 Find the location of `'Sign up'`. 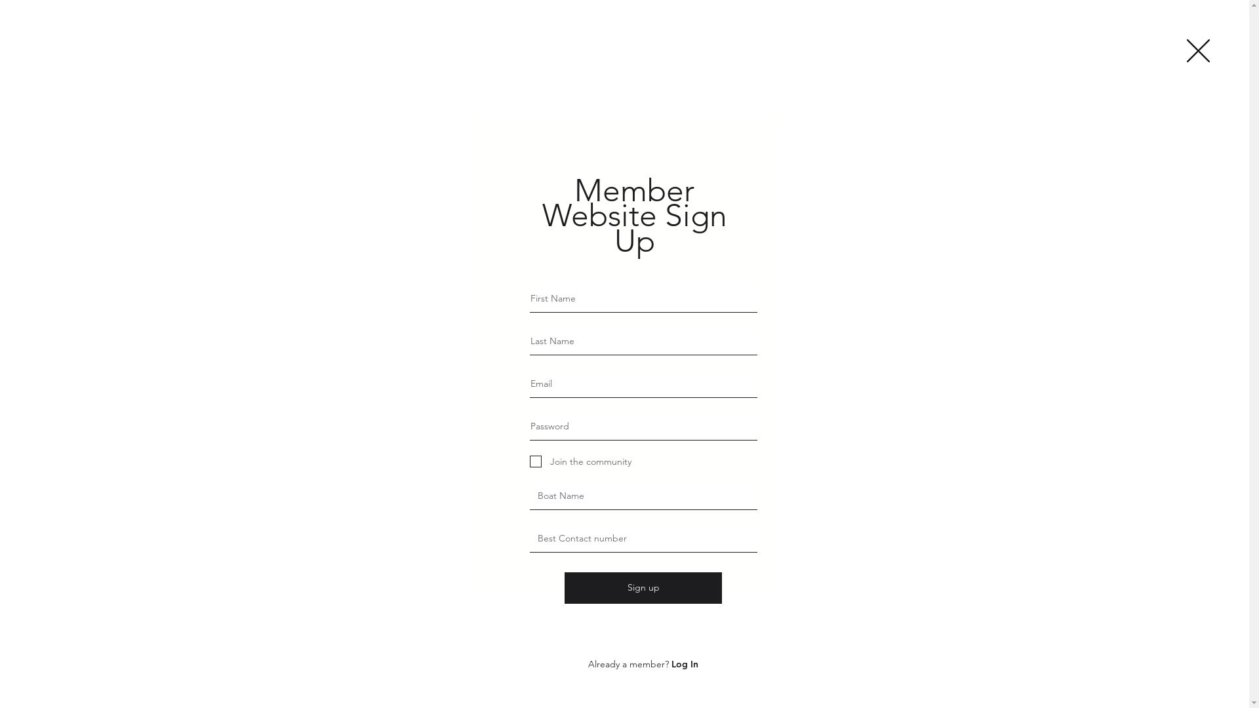

'Sign up' is located at coordinates (643, 587).